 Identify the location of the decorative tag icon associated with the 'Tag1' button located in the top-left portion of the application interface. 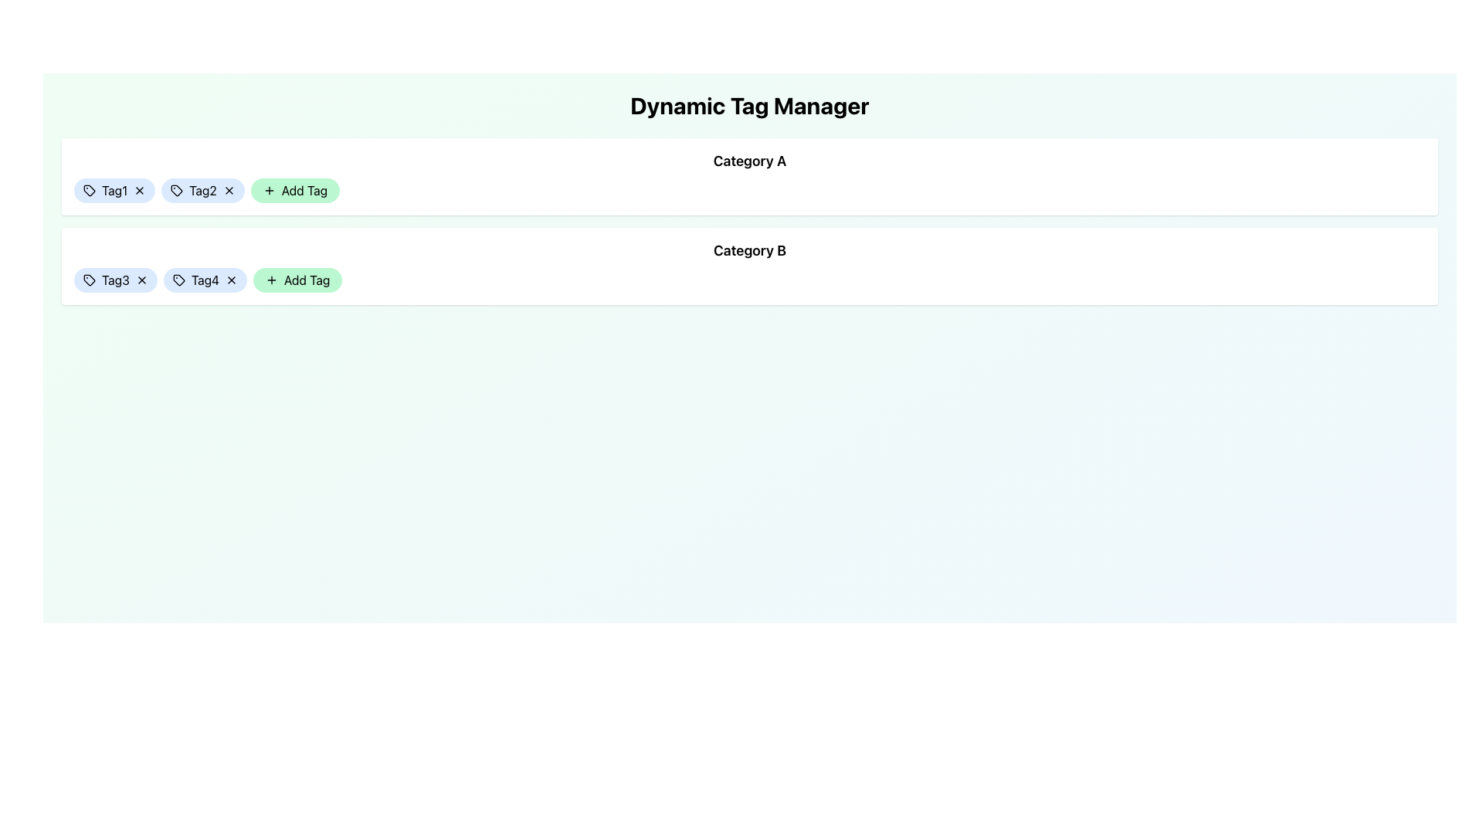
(88, 189).